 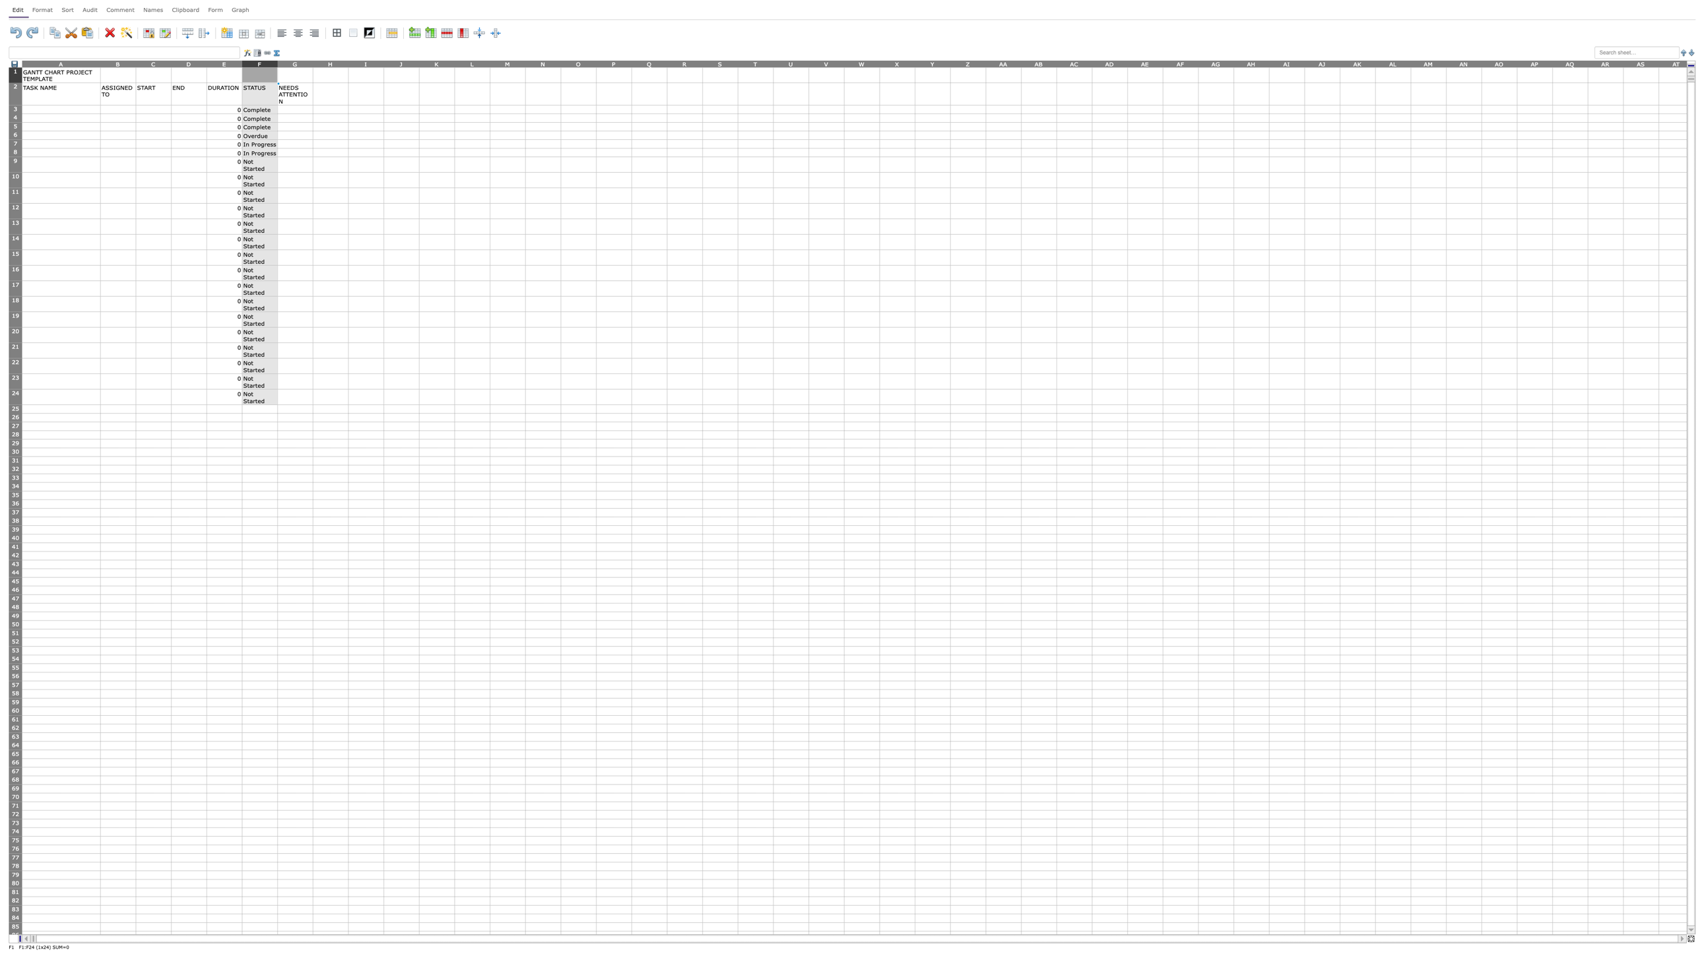 What do you see at coordinates (313, 63) in the screenshot?
I see `the right edge of column G, for next step resizing the column` at bounding box center [313, 63].